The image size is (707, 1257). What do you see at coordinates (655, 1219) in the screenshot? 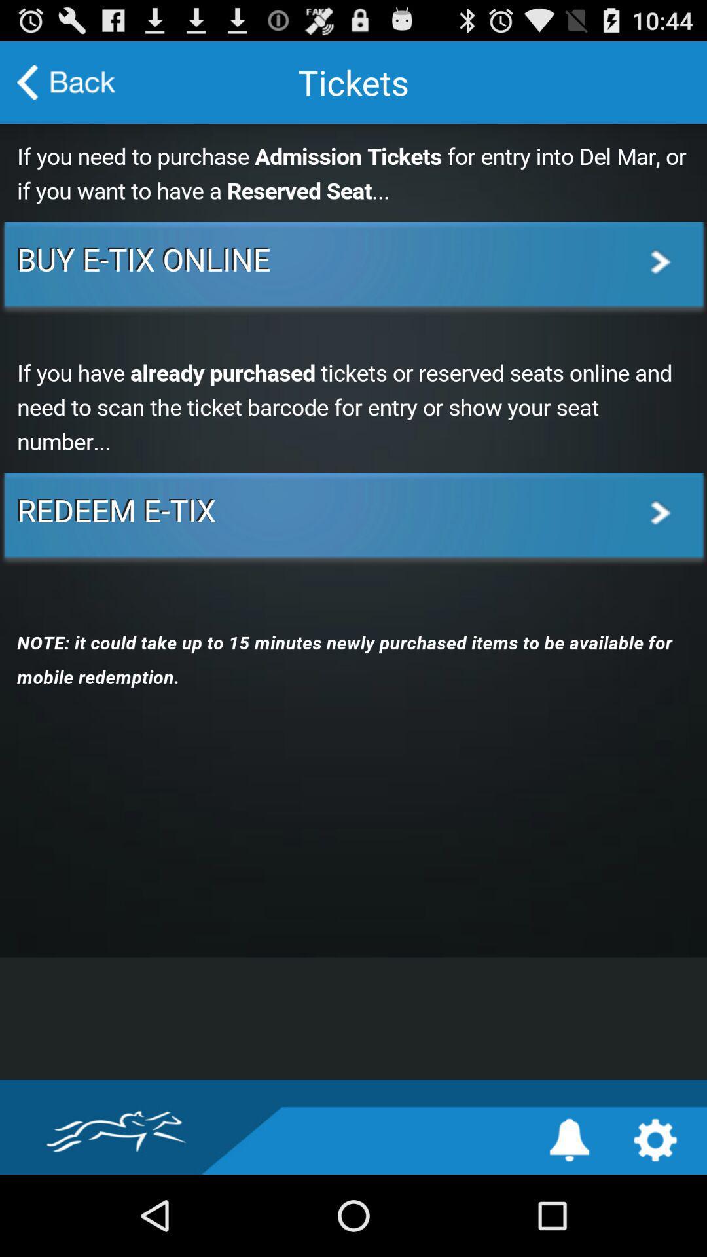
I see `the settings icon` at bounding box center [655, 1219].